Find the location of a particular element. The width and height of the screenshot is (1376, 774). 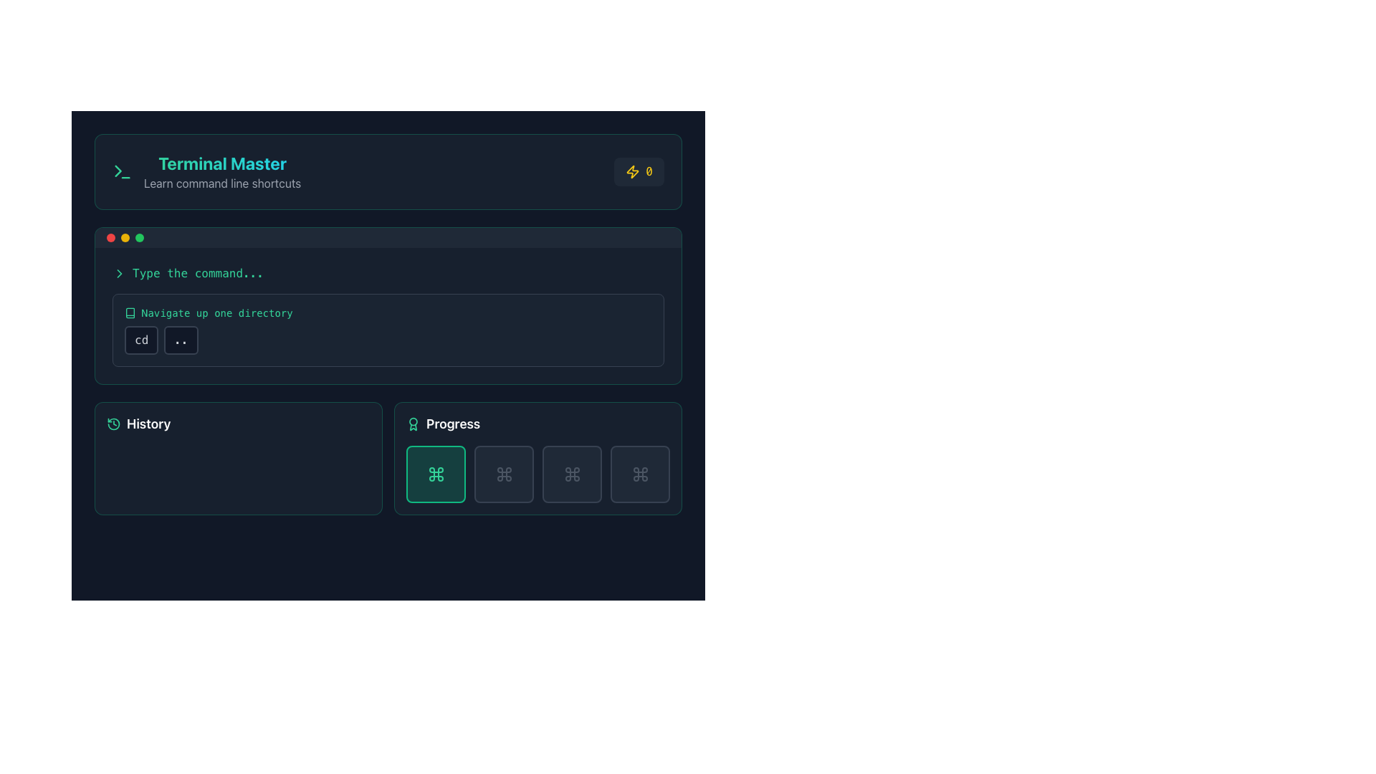

second icon in the 'Progress' section located in the lower-right area of the layout is located at coordinates (504, 474).